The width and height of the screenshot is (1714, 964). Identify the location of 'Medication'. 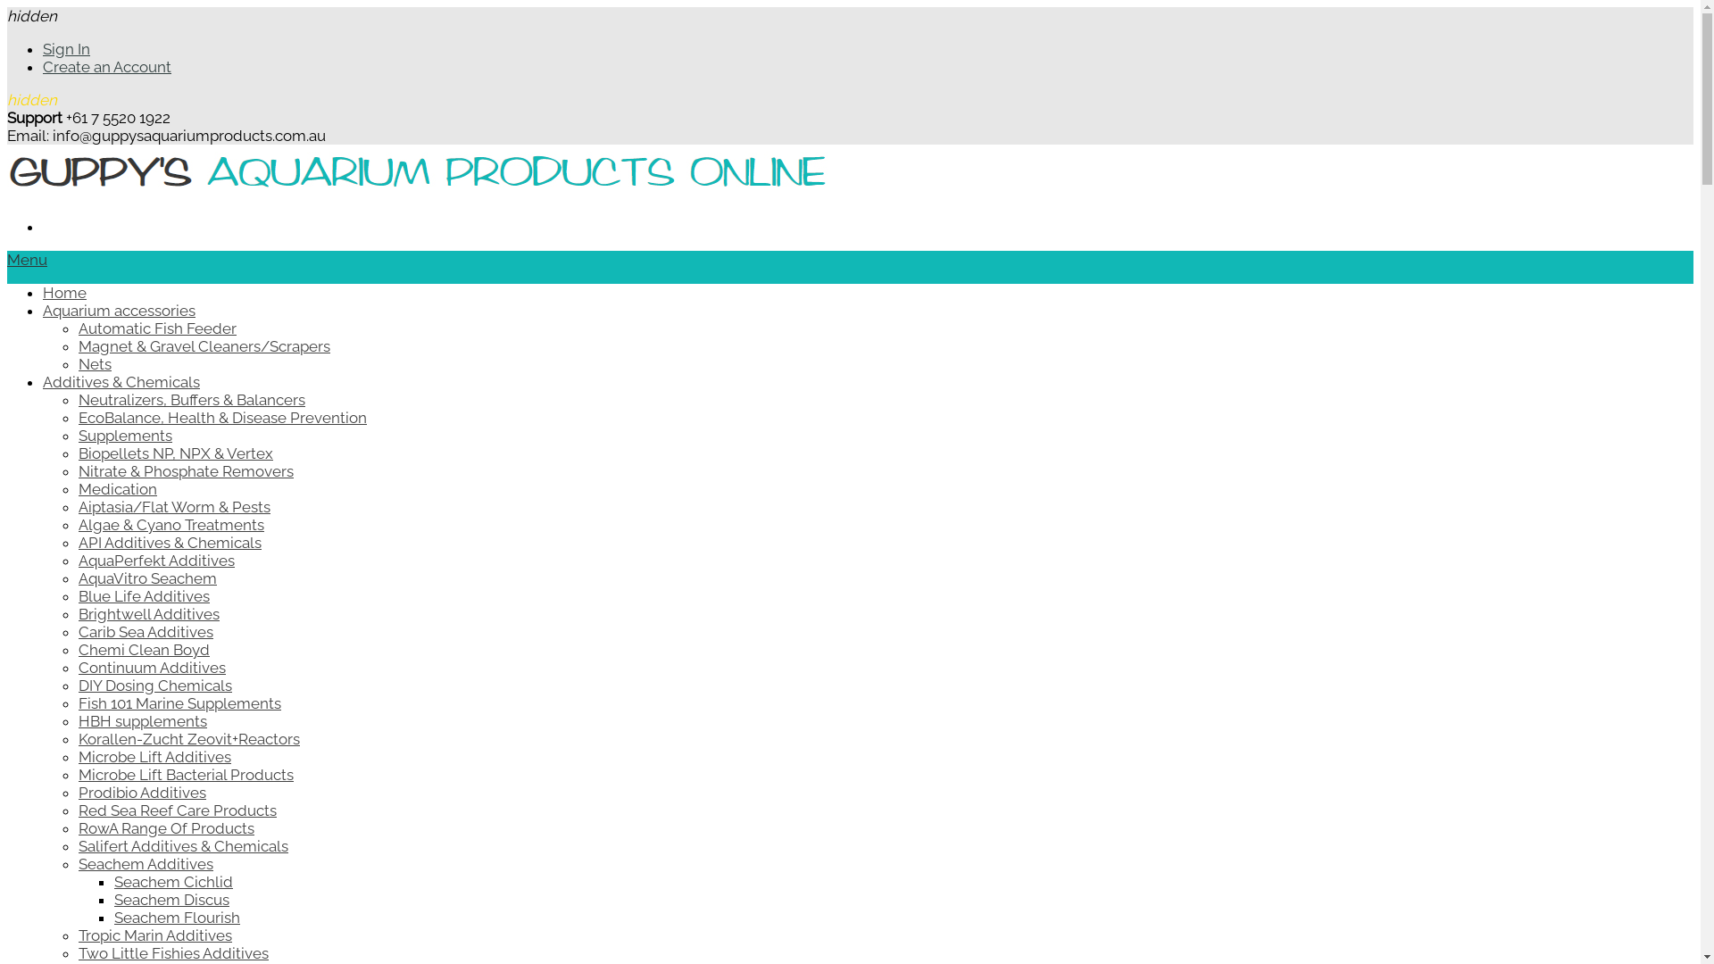
(116, 488).